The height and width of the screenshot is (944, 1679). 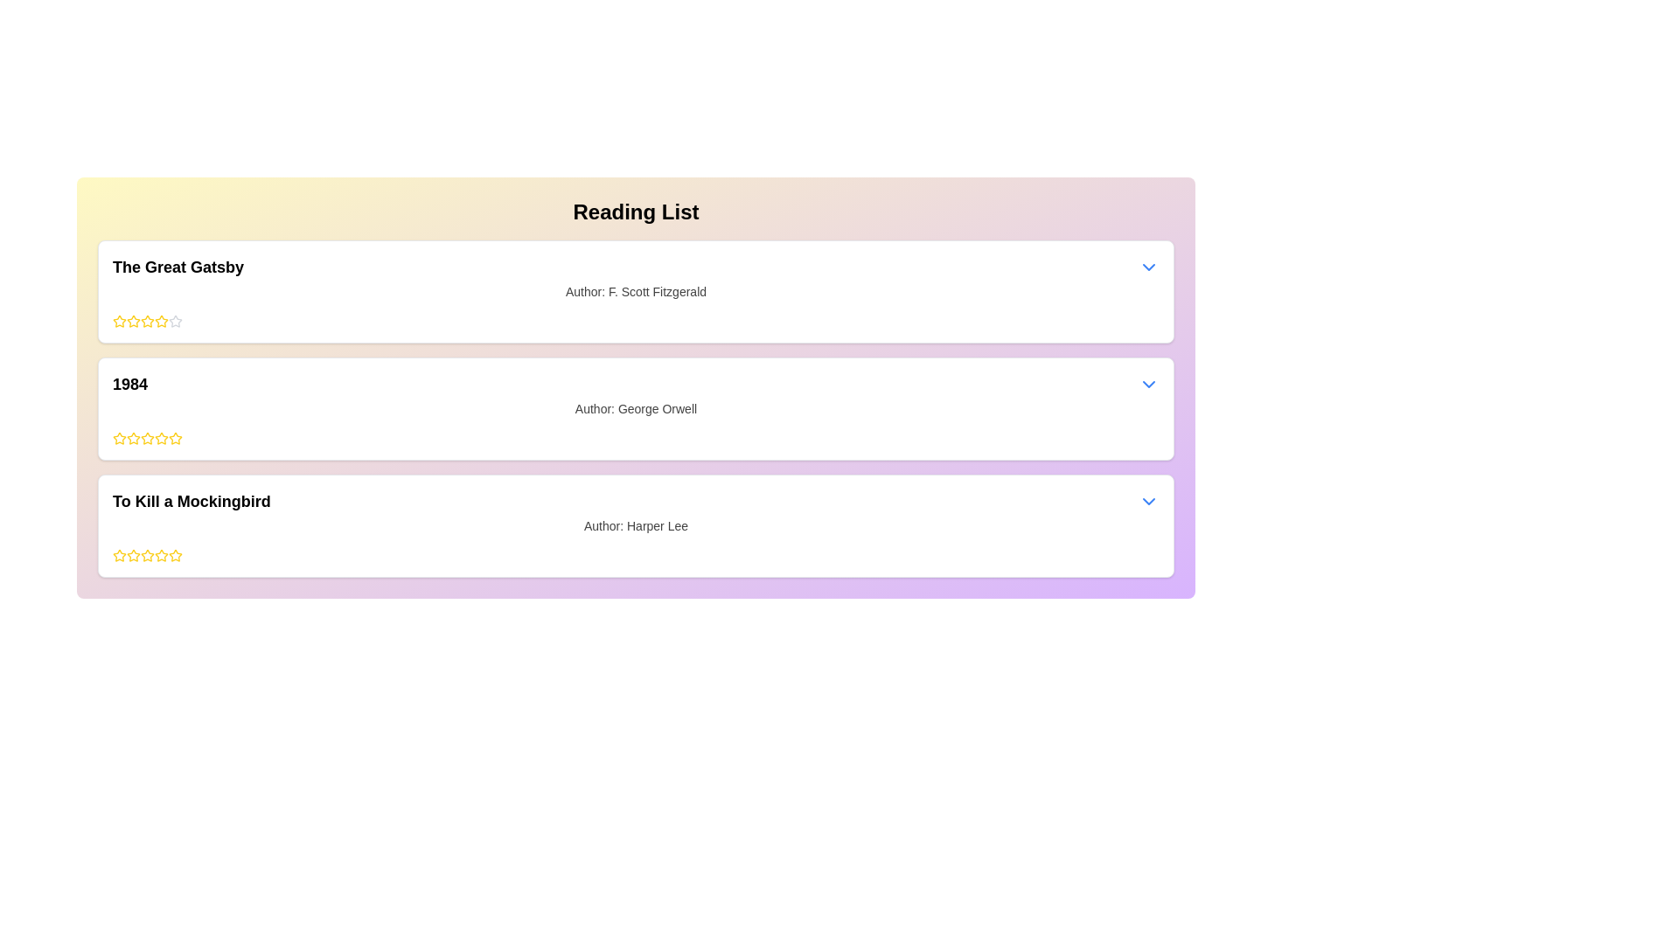 What do you see at coordinates (635, 524) in the screenshot?
I see `text label indicating the author of the book 'To Kill a Mockingbird', which is located in the third reading list item in the 'Reading List' section` at bounding box center [635, 524].